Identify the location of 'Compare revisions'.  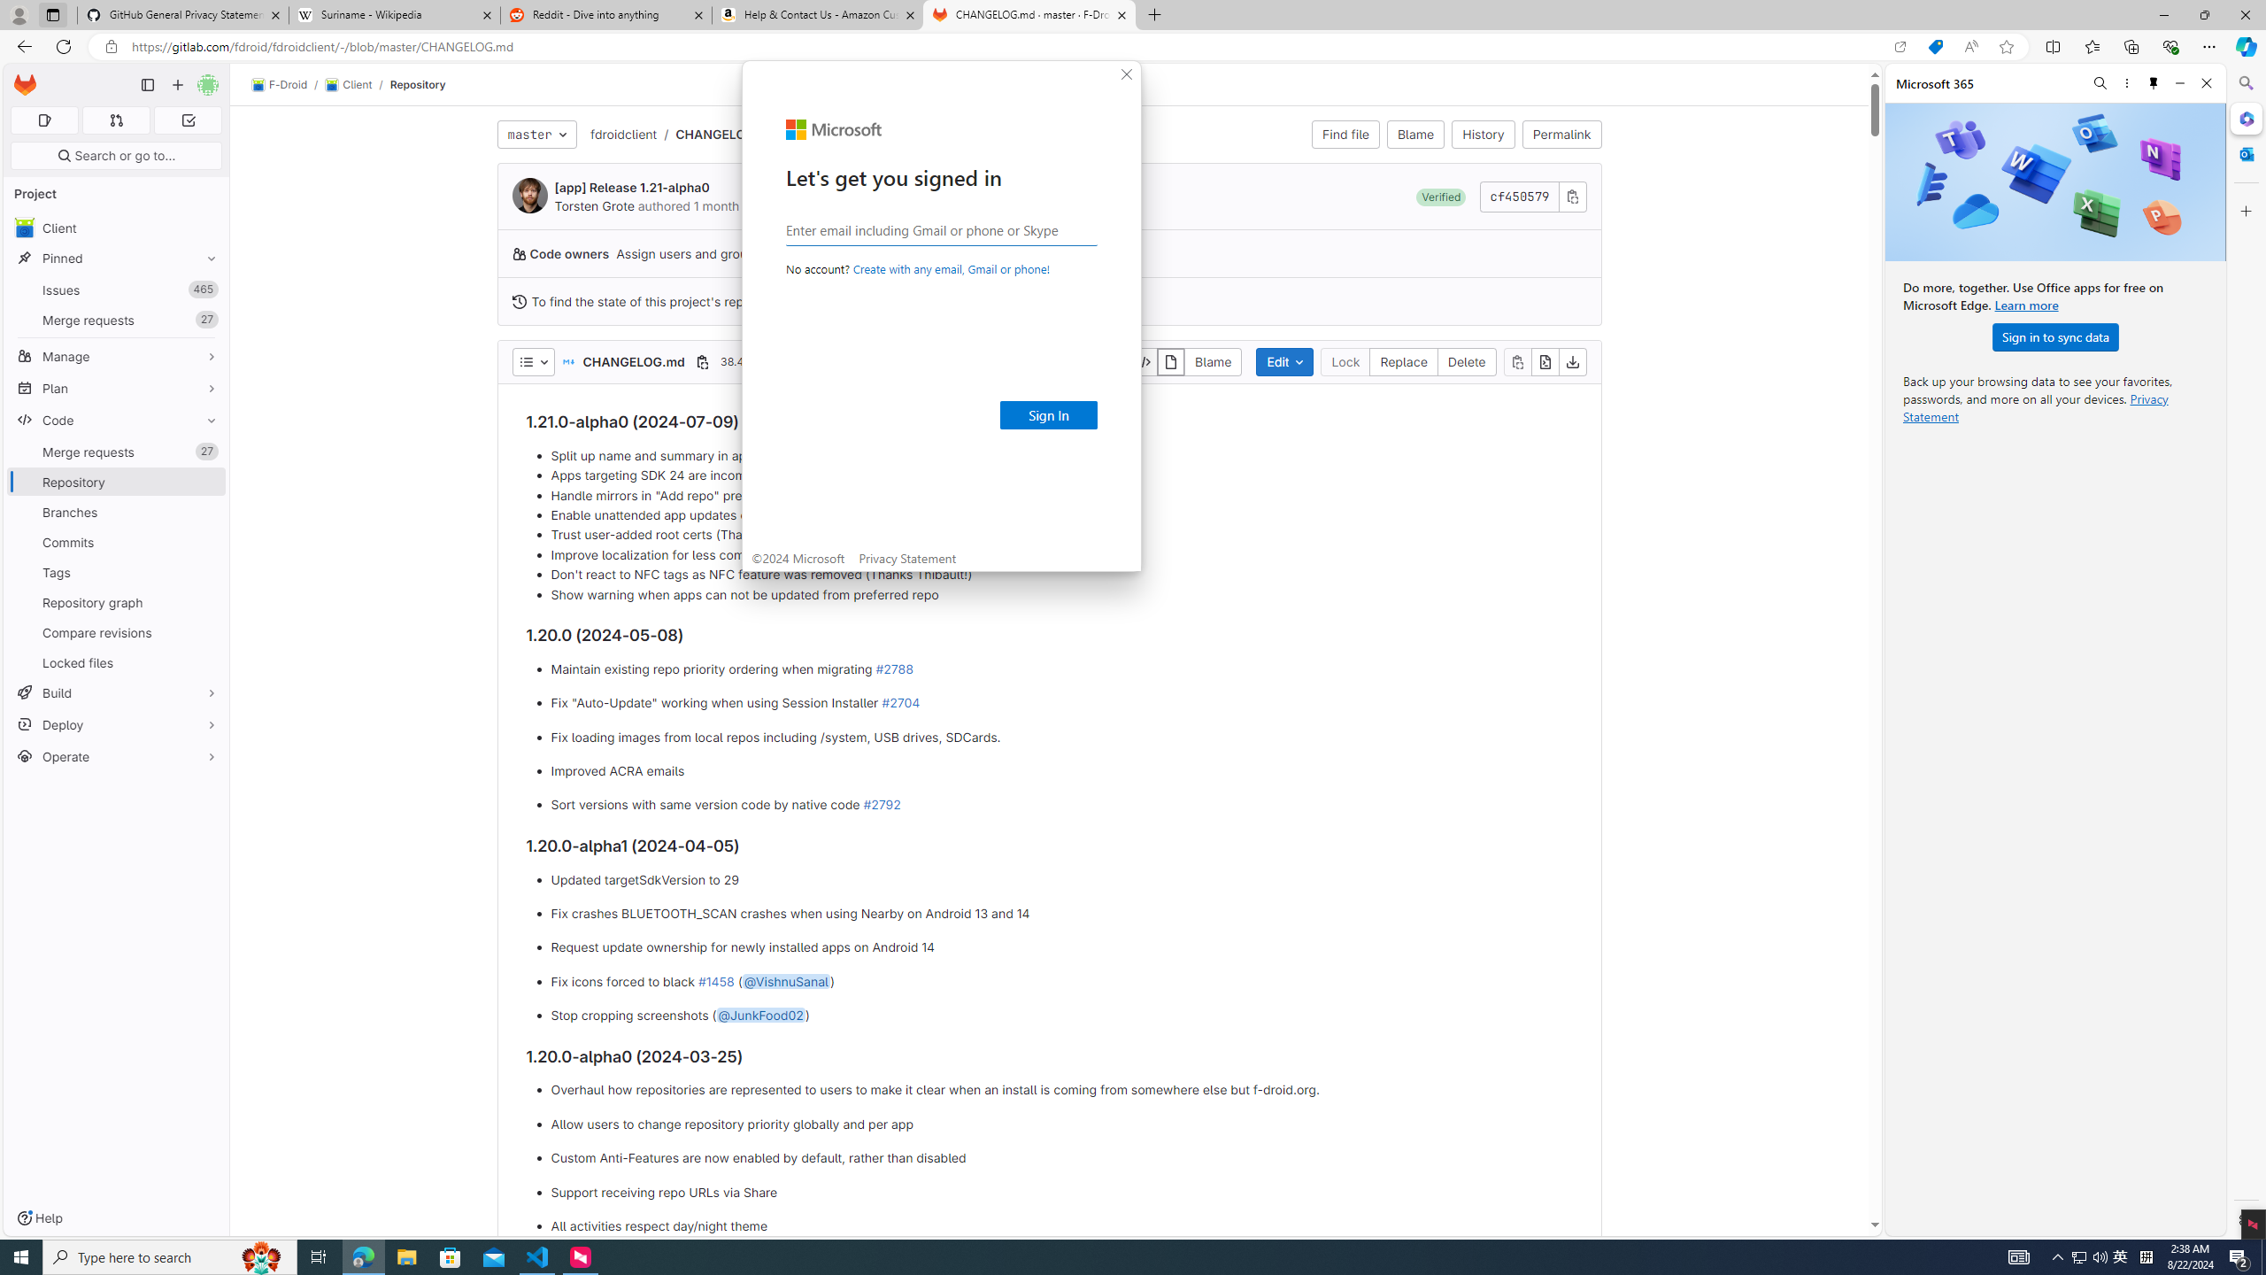
(115, 631).